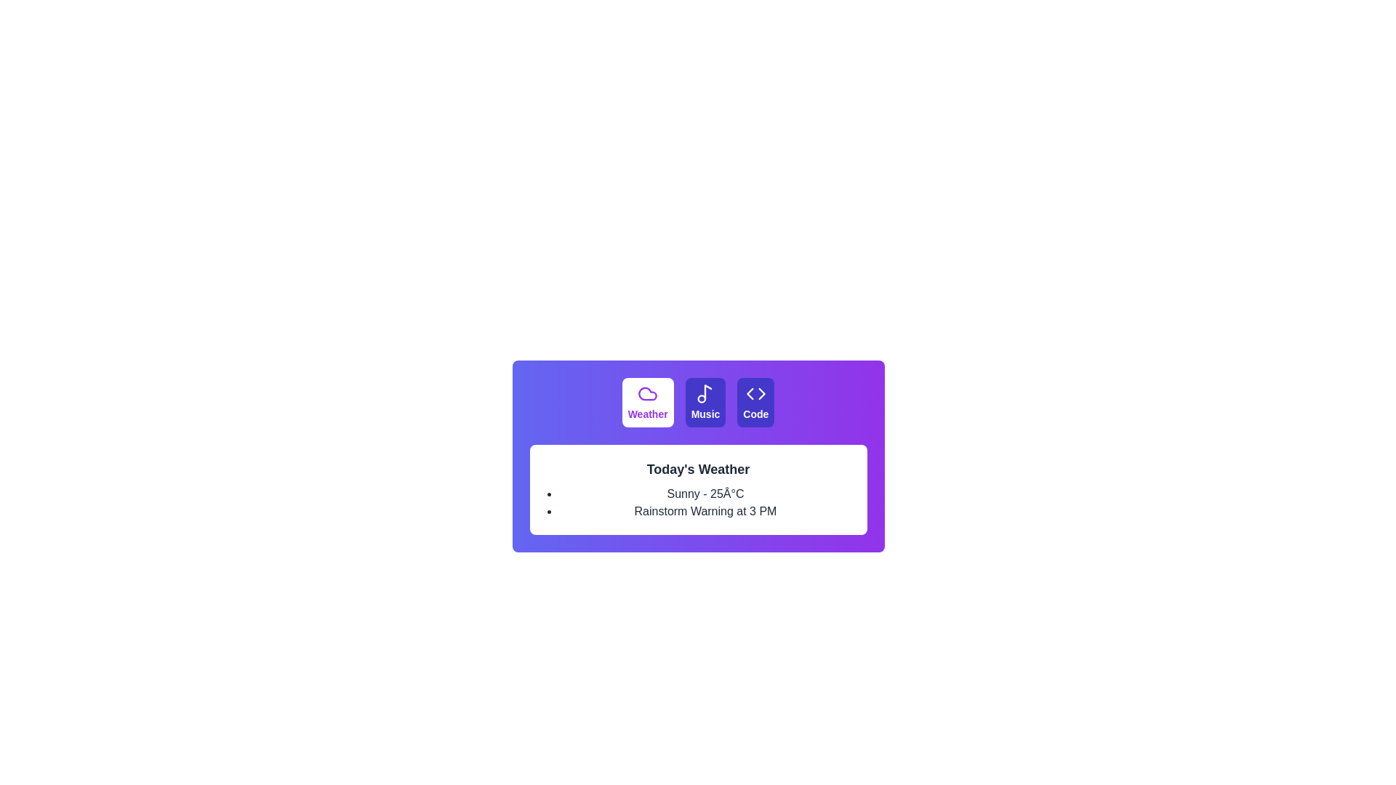  Describe the element at coordinates (705, 414) in the screenshot. I see `the Text label that serves as the descriptive title for its associated section, which is positioned below the icon in the center of a vertical layout group` at that location.